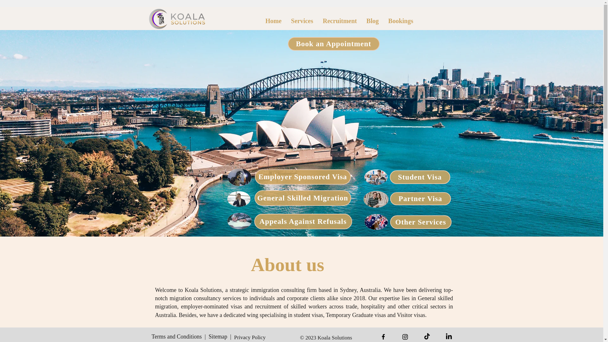 The height and width of the screenshot is (342, 608). What do you see at coordinates (421, 198) in the screenshot?
I see `'Partner Visa'` at bounding box center [421, 198].